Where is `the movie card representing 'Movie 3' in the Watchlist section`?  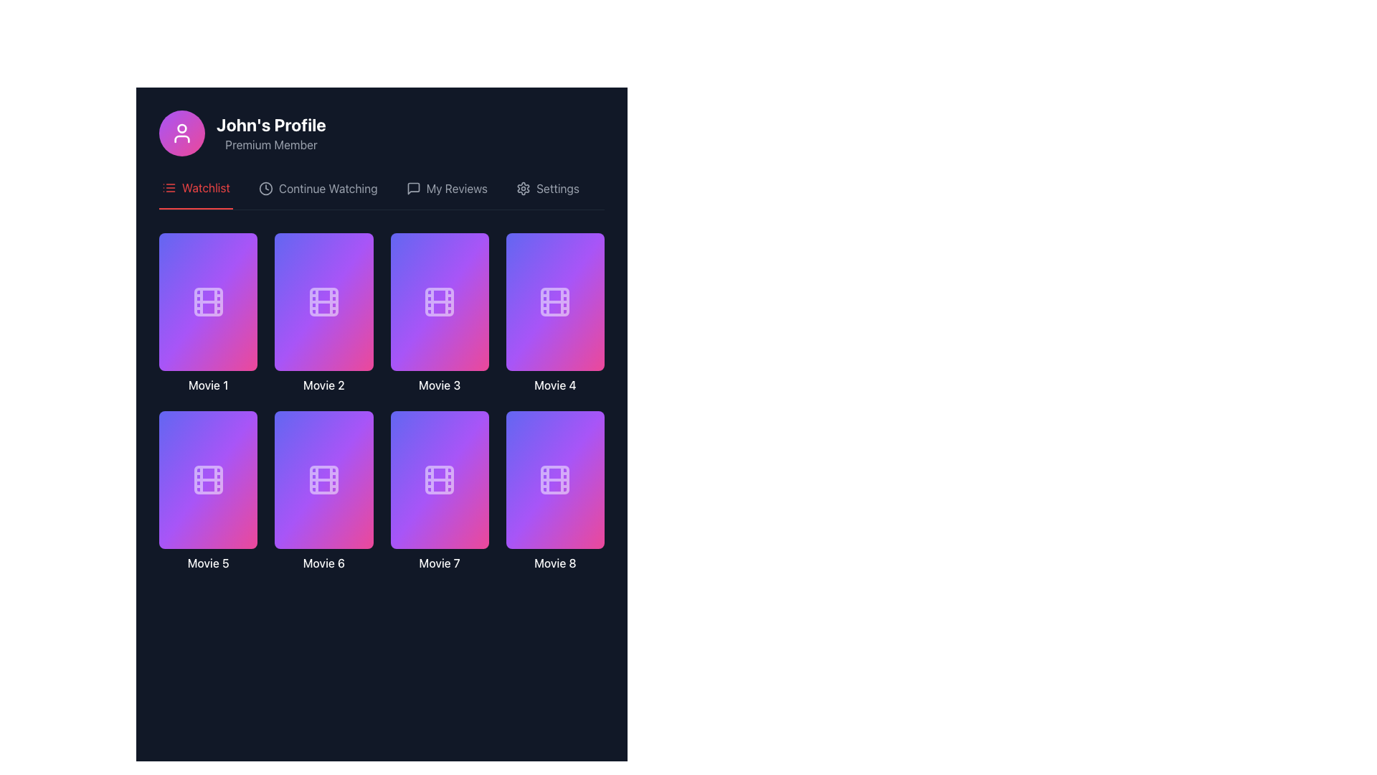 the movie card representing 'Movie 3' in the Watchlist section is located at coordinates (439, 312).